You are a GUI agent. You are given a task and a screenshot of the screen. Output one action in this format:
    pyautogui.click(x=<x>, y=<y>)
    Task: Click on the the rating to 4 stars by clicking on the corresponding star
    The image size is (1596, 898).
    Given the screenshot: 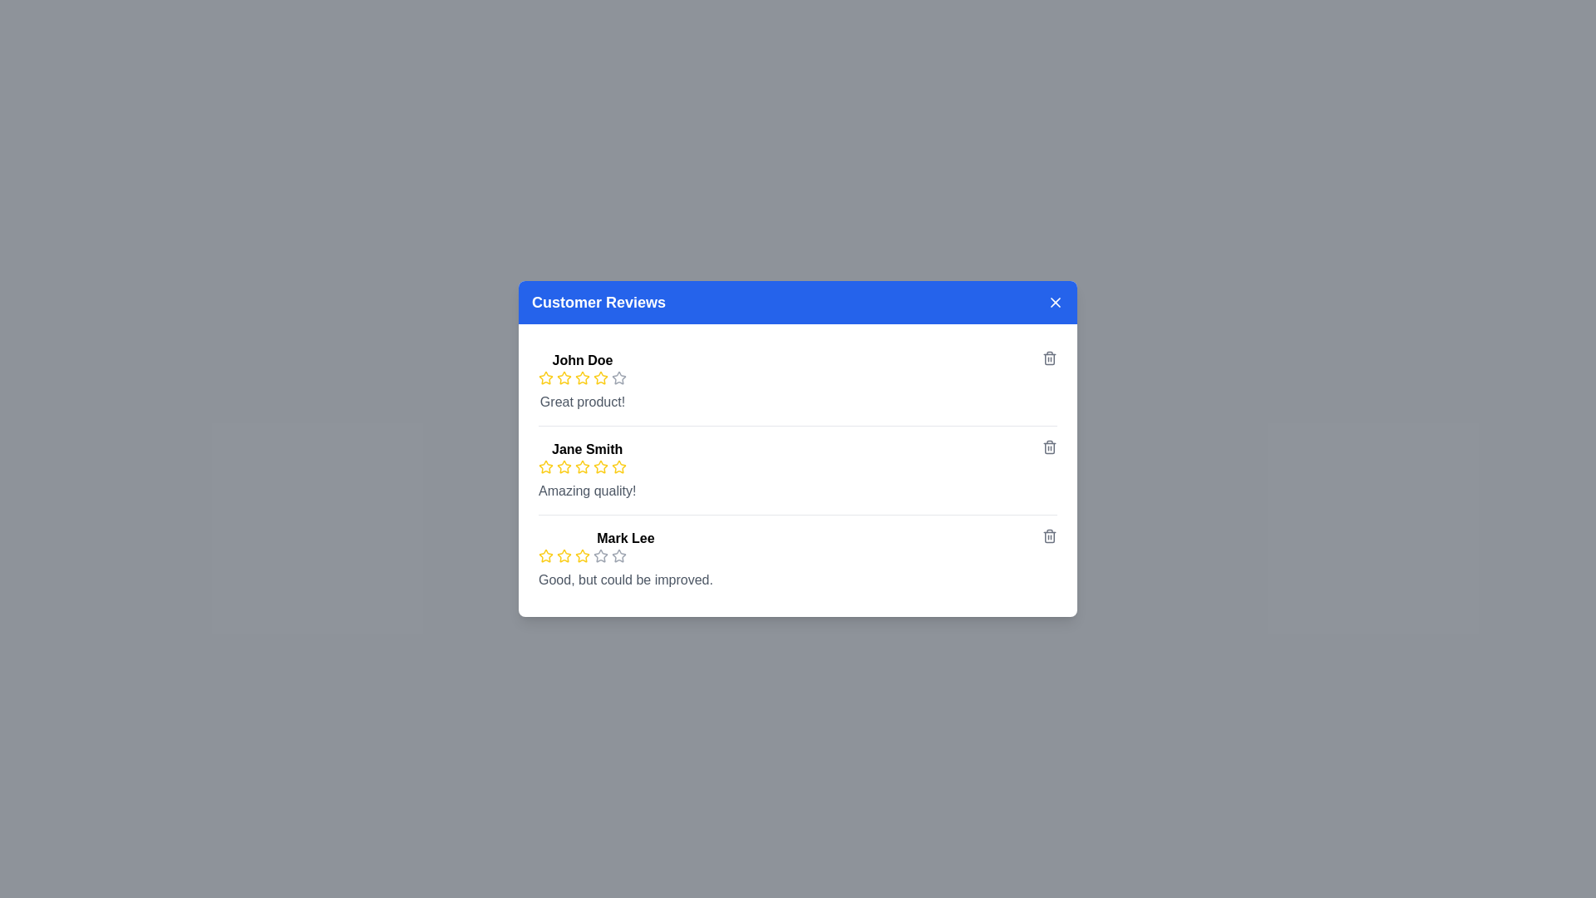 What is the action you would take?
    pyautogui.click(x=600, y=378)
    